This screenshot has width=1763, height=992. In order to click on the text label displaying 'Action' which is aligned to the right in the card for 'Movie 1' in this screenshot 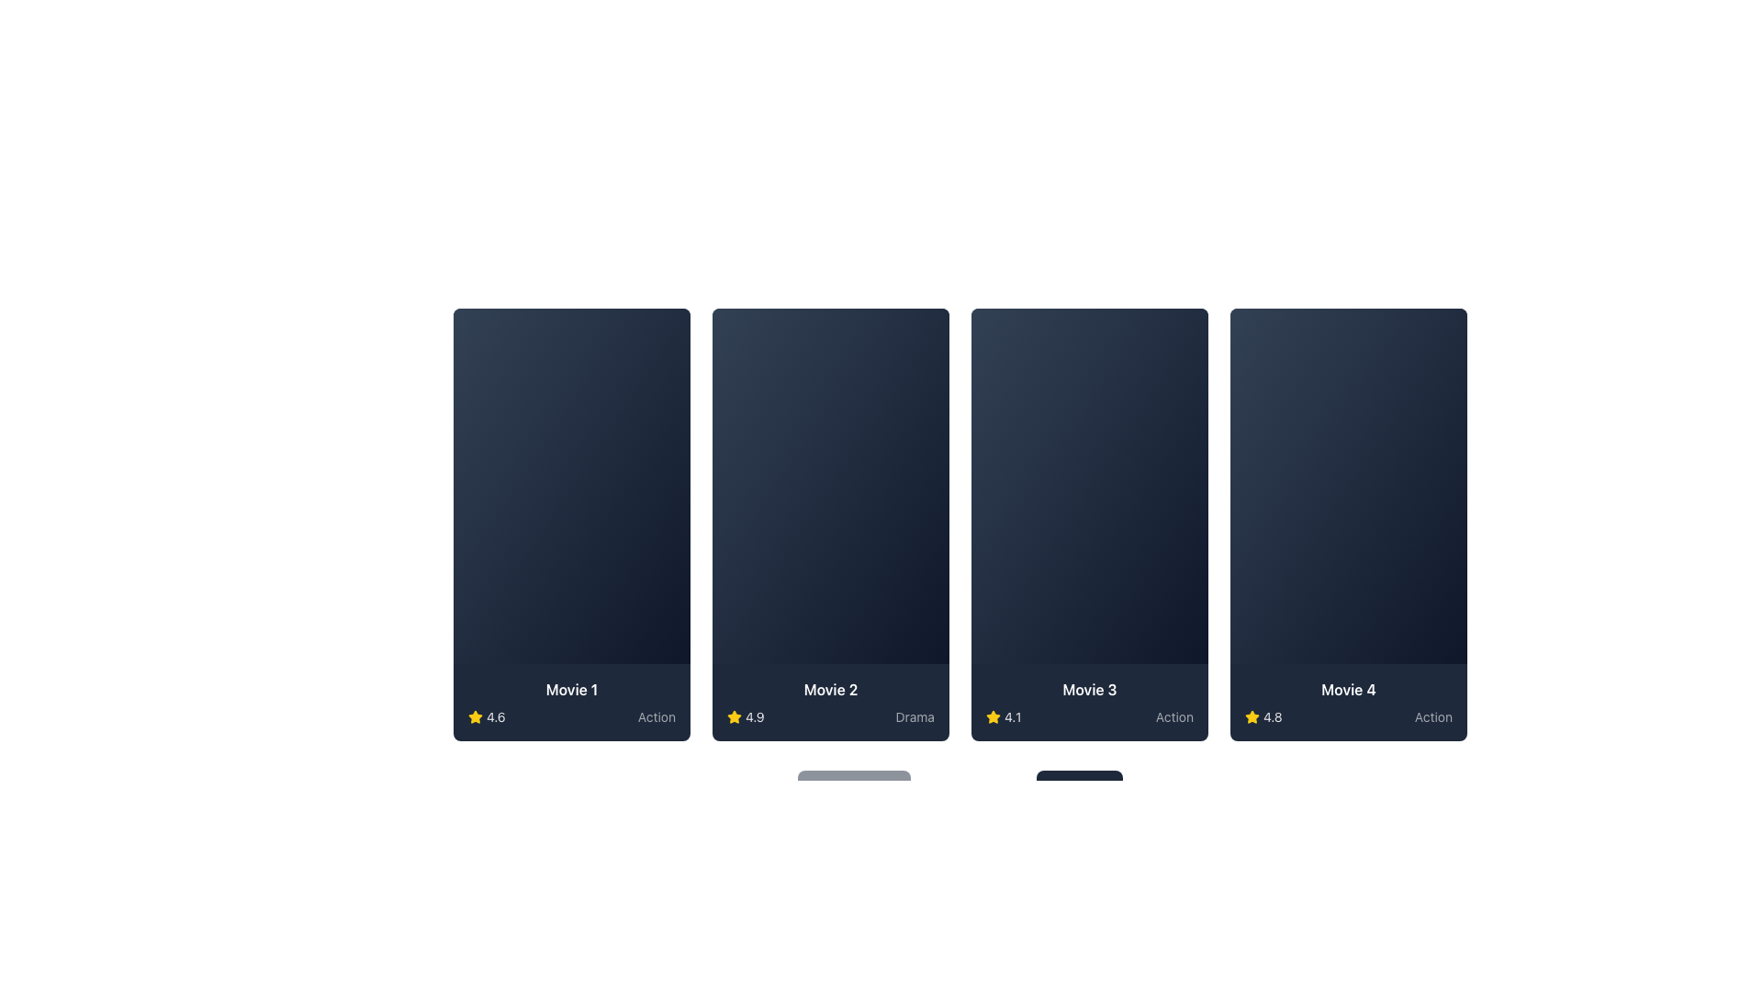, I will do `click(657, 716)`.